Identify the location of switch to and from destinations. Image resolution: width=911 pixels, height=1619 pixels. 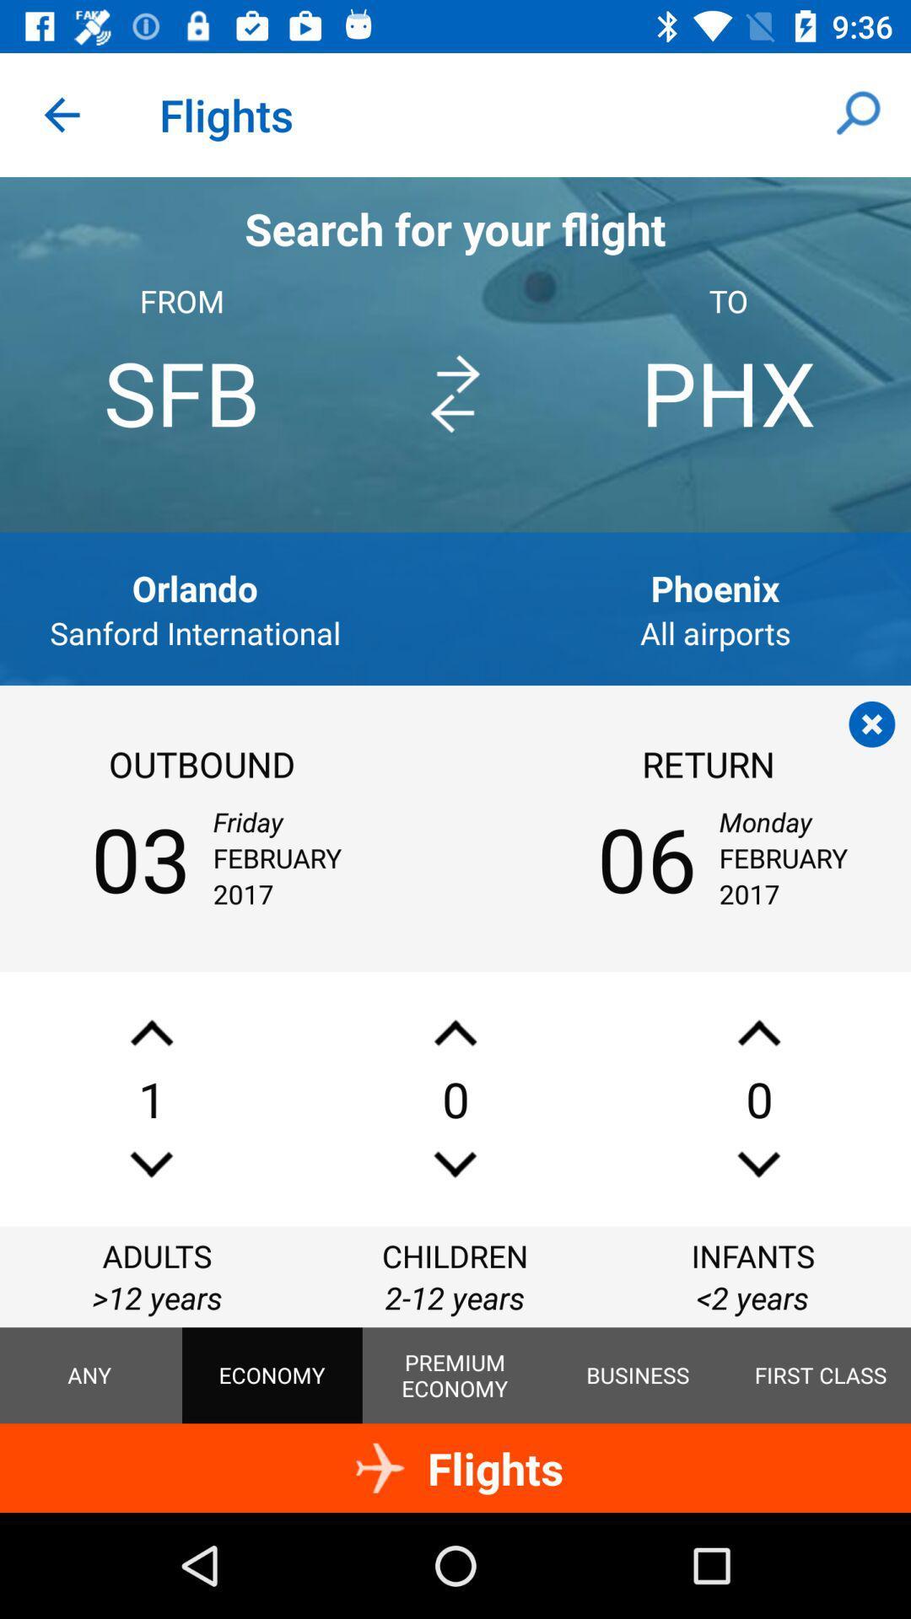
(454, 393).